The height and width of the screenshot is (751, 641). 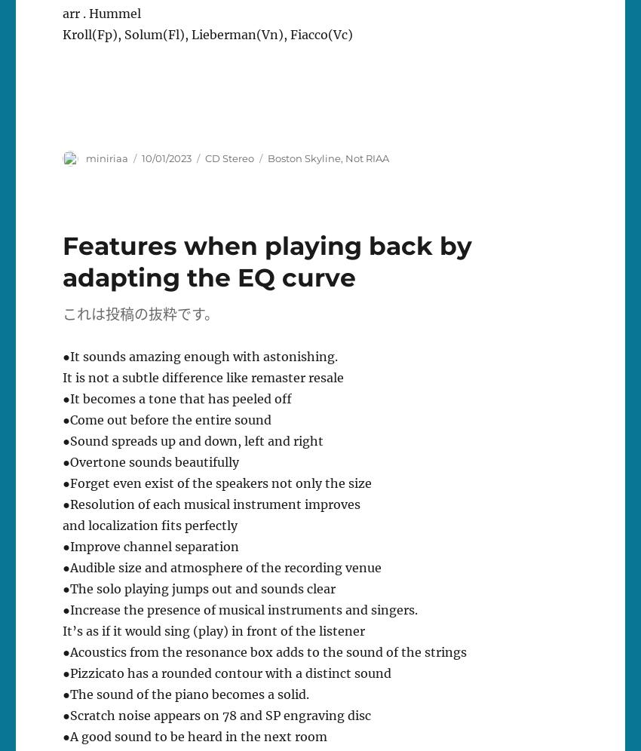 What do you see at coordinates (219, 483) in the screenshot?
I see `'Forget even exist of the speakers not only the size'` at bounding box center [219, 483].